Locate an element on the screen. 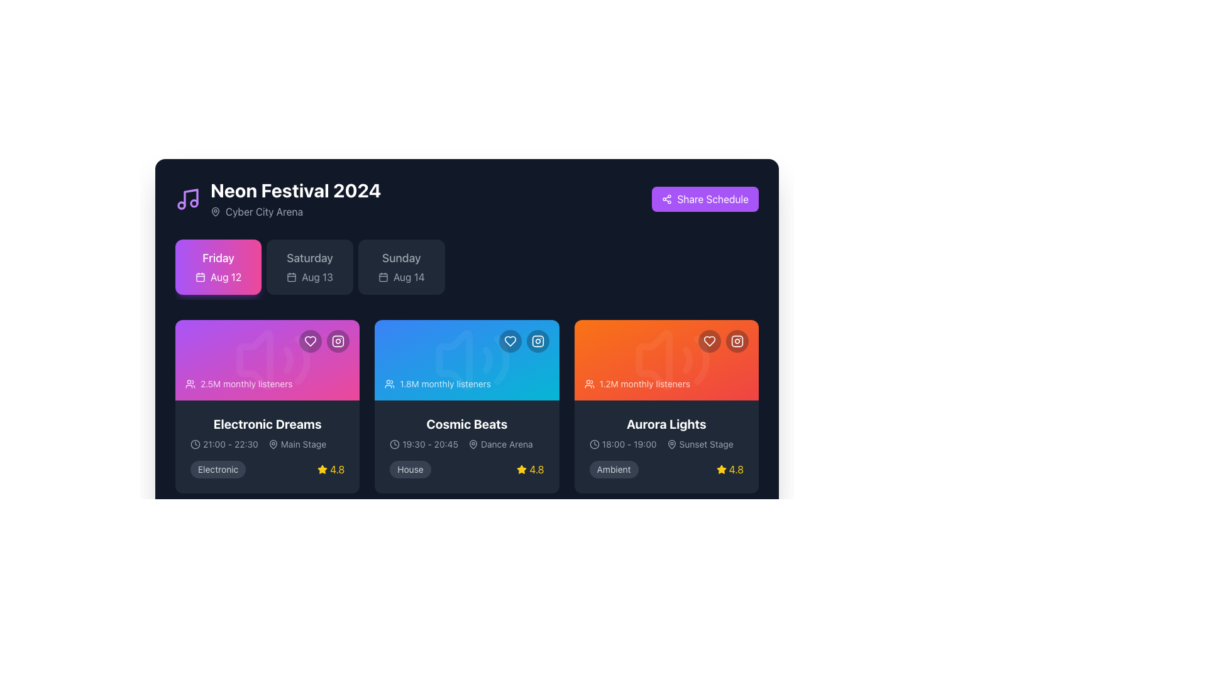  the text display indicating the popularity metric of 'Aurora Lights' located in the lower-left corner of the orange card is located at coordinates (637, 383).